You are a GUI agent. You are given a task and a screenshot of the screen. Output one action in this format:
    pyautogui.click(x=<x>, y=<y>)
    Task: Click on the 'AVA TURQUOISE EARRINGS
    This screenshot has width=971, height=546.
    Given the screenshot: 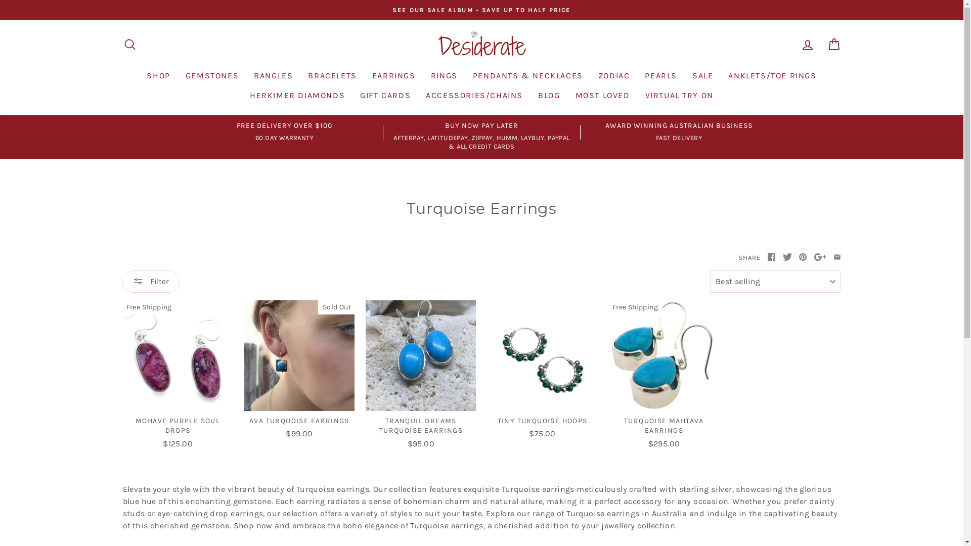 What is the action you would take?
    pyautogui.click(x=298, y=371)
    